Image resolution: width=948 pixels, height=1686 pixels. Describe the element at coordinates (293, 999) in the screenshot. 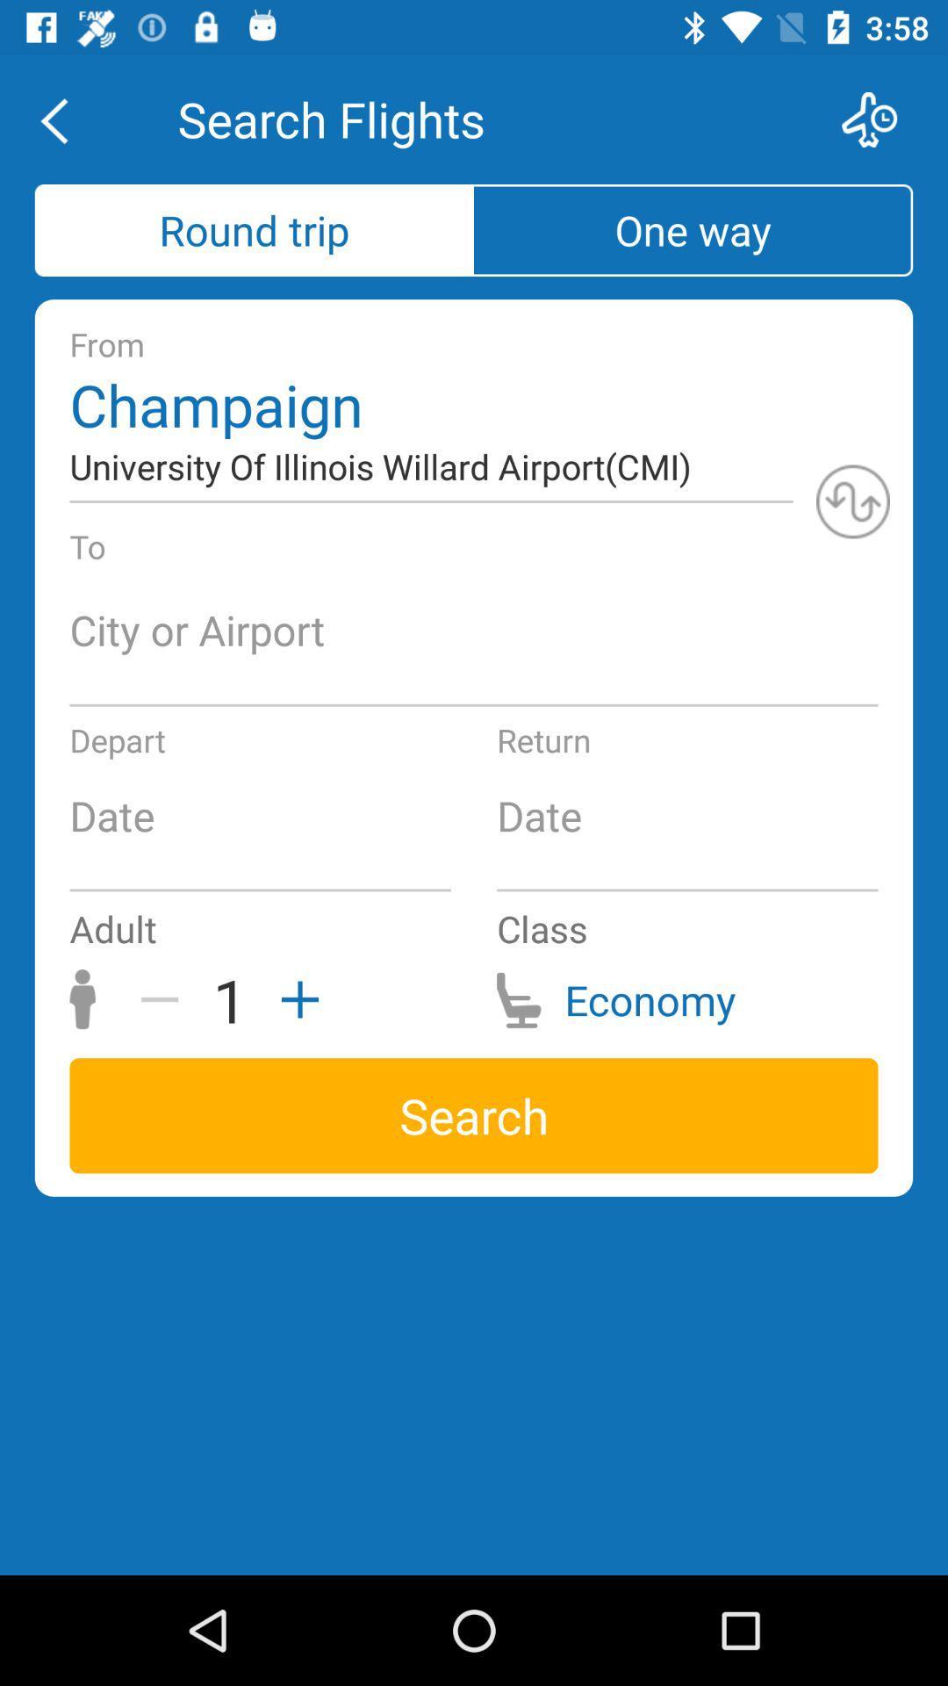

I see `option` at that location.